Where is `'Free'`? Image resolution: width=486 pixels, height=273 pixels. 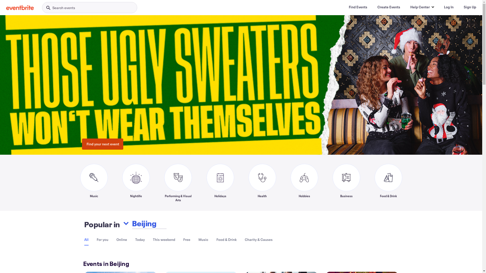
'Free' is located at coordinates (187, 239).